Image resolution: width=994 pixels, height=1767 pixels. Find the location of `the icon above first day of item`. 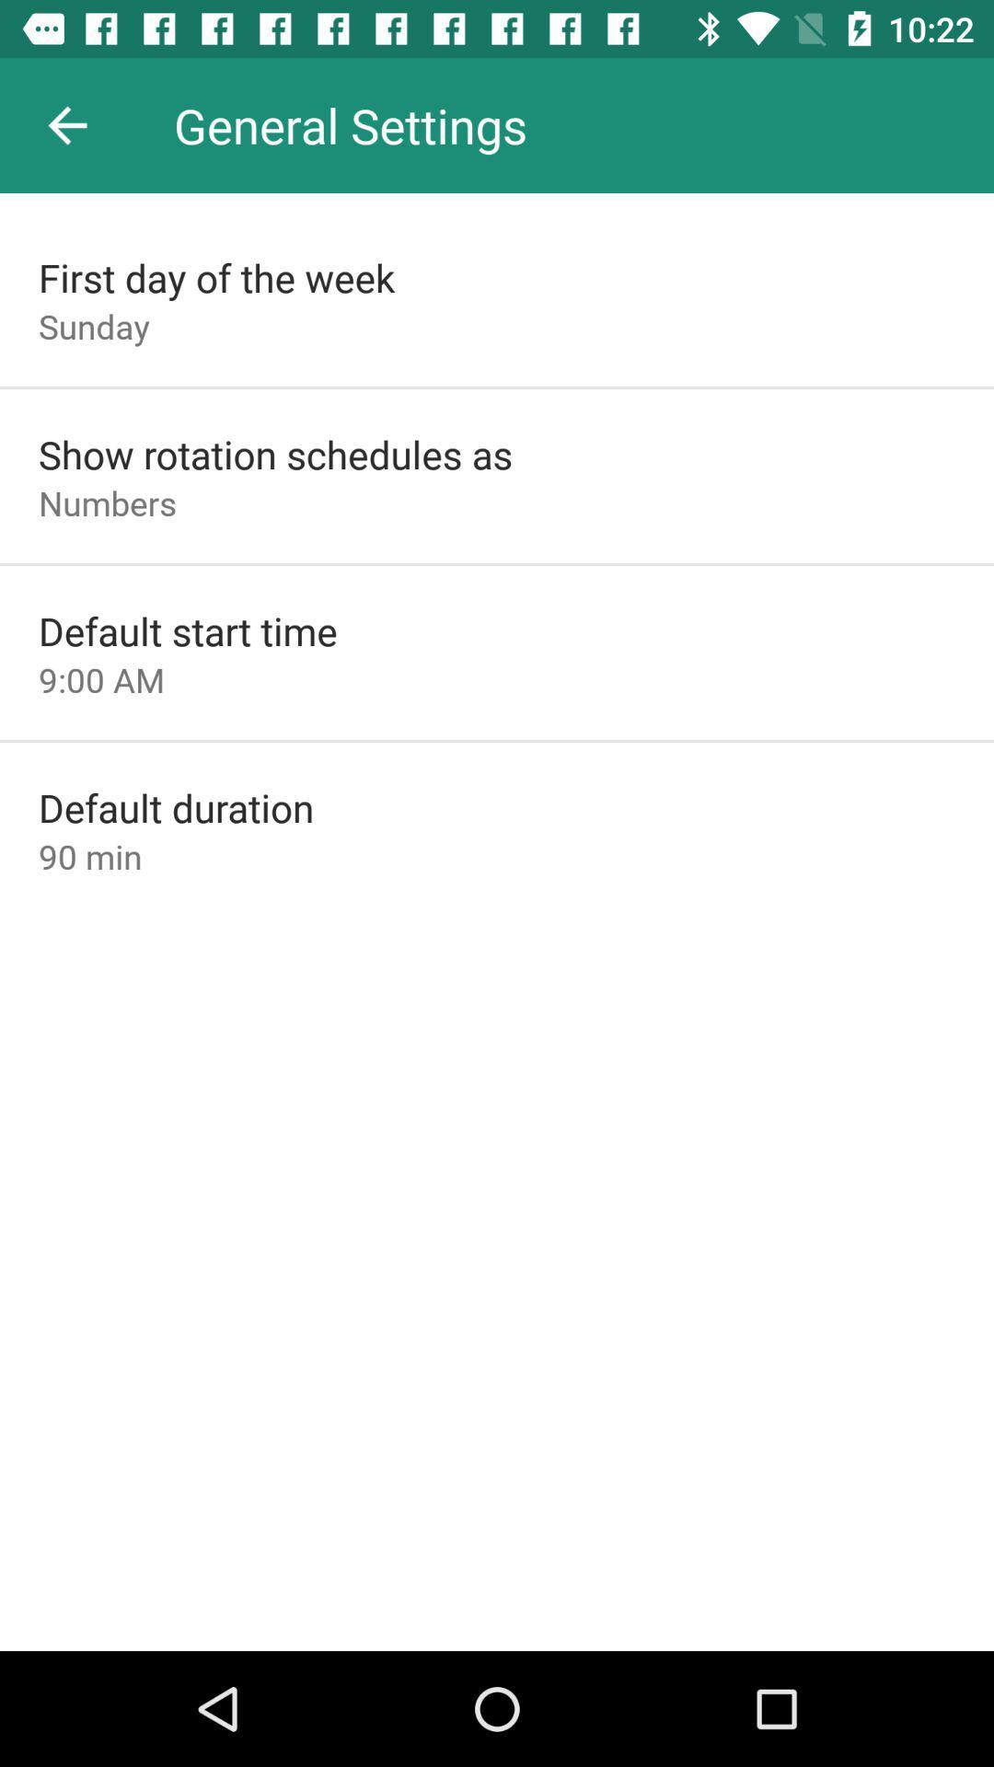

the icon above first day of item is located at coordinates (66, 124).